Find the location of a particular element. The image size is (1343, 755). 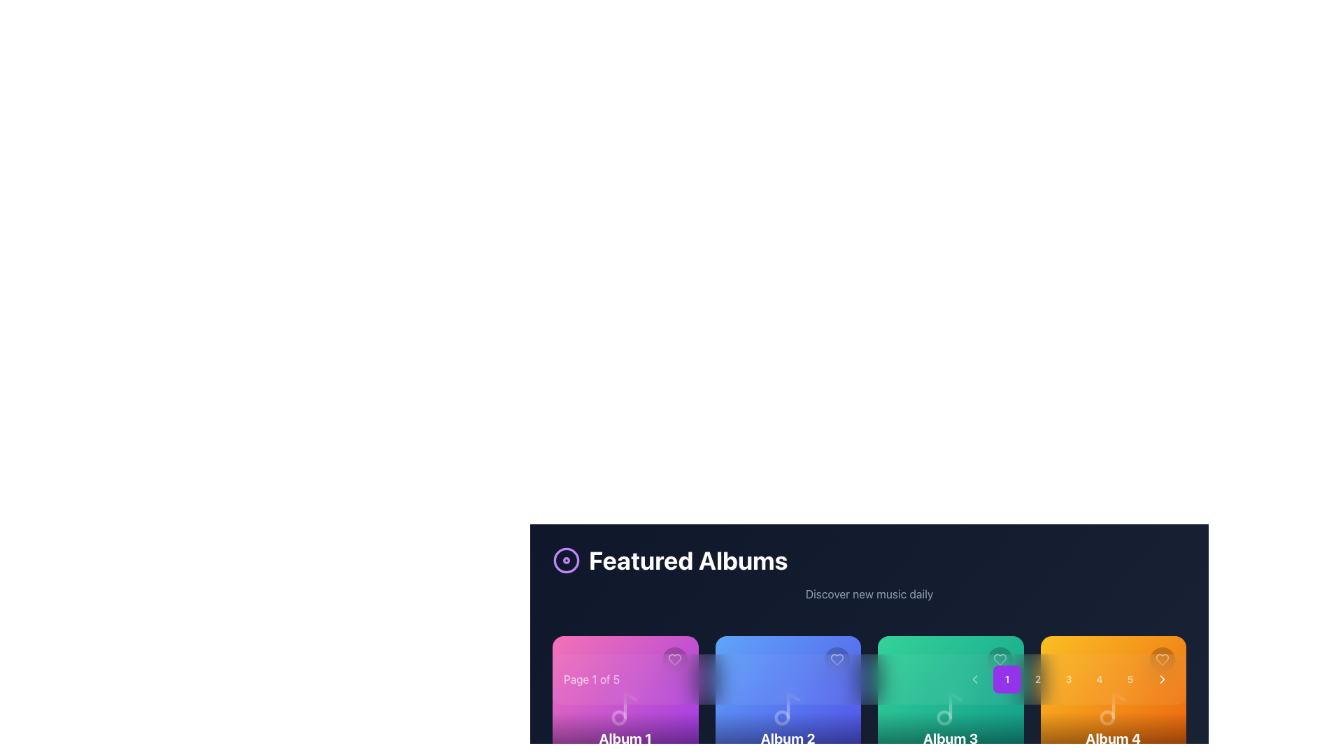

the 'Album 1' text label, which is a bold and large font label located below a vivid gradient-colored card in the carousel interface is located at coordinates (625, 738).